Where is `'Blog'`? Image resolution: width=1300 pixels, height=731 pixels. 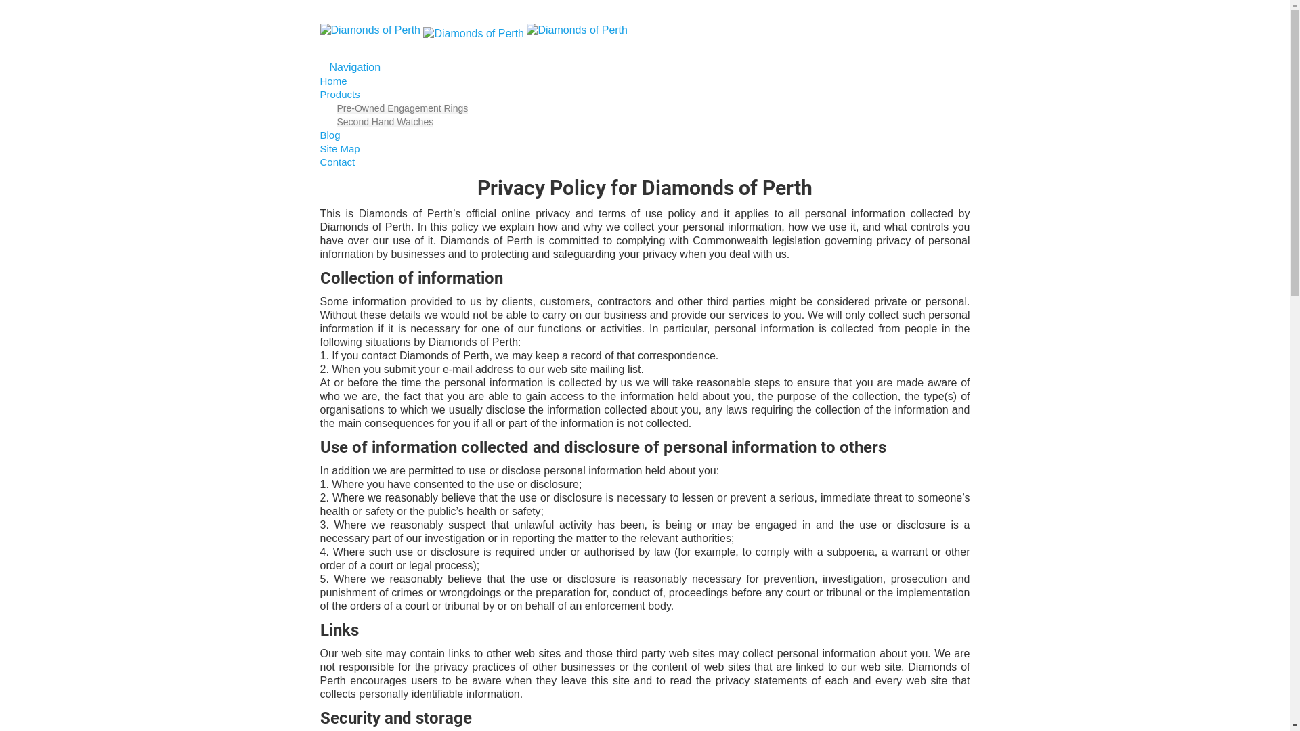
'Blog' is located at coordinates (329, 135).